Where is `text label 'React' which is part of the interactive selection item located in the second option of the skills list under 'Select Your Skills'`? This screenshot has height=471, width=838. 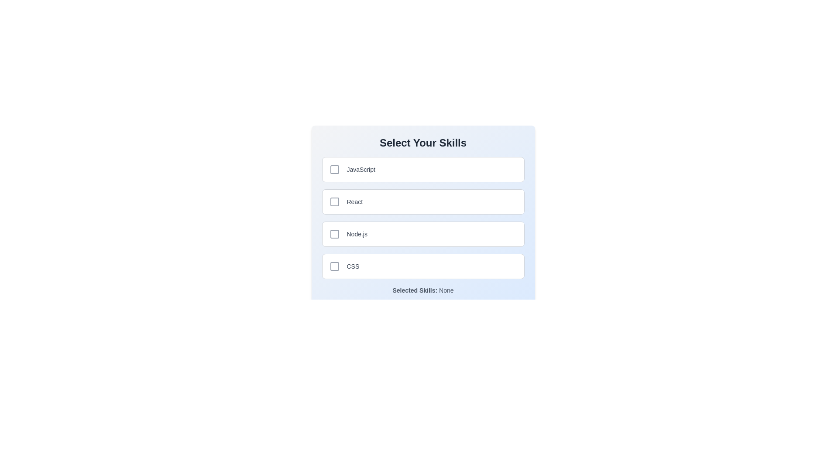 text label 'React' which is part of the interactive selection item located in the second option of the skills list under 'Select Your Skills' is located at coordinates (354, 201).